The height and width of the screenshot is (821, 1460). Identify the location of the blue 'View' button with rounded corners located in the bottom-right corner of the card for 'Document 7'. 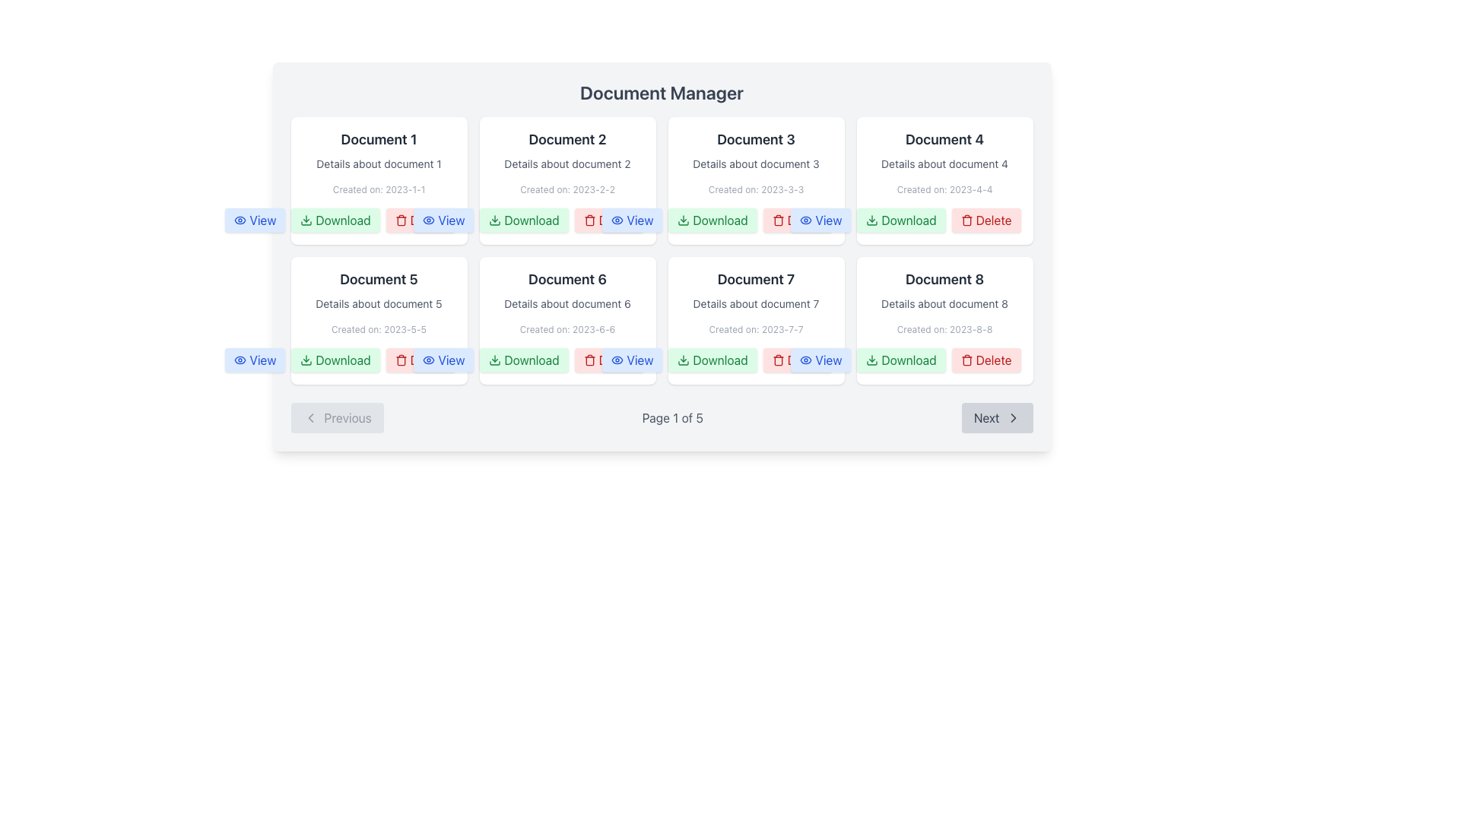
(820, 360).